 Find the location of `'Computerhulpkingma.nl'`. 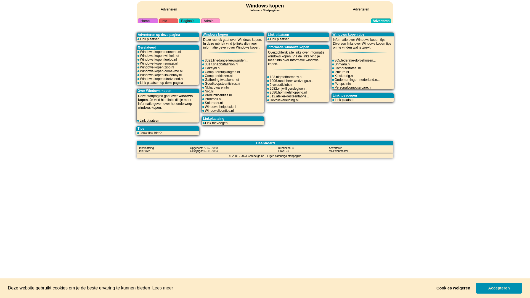

'Computerhulpkingma.nl' is located at coordinates (222, 72).